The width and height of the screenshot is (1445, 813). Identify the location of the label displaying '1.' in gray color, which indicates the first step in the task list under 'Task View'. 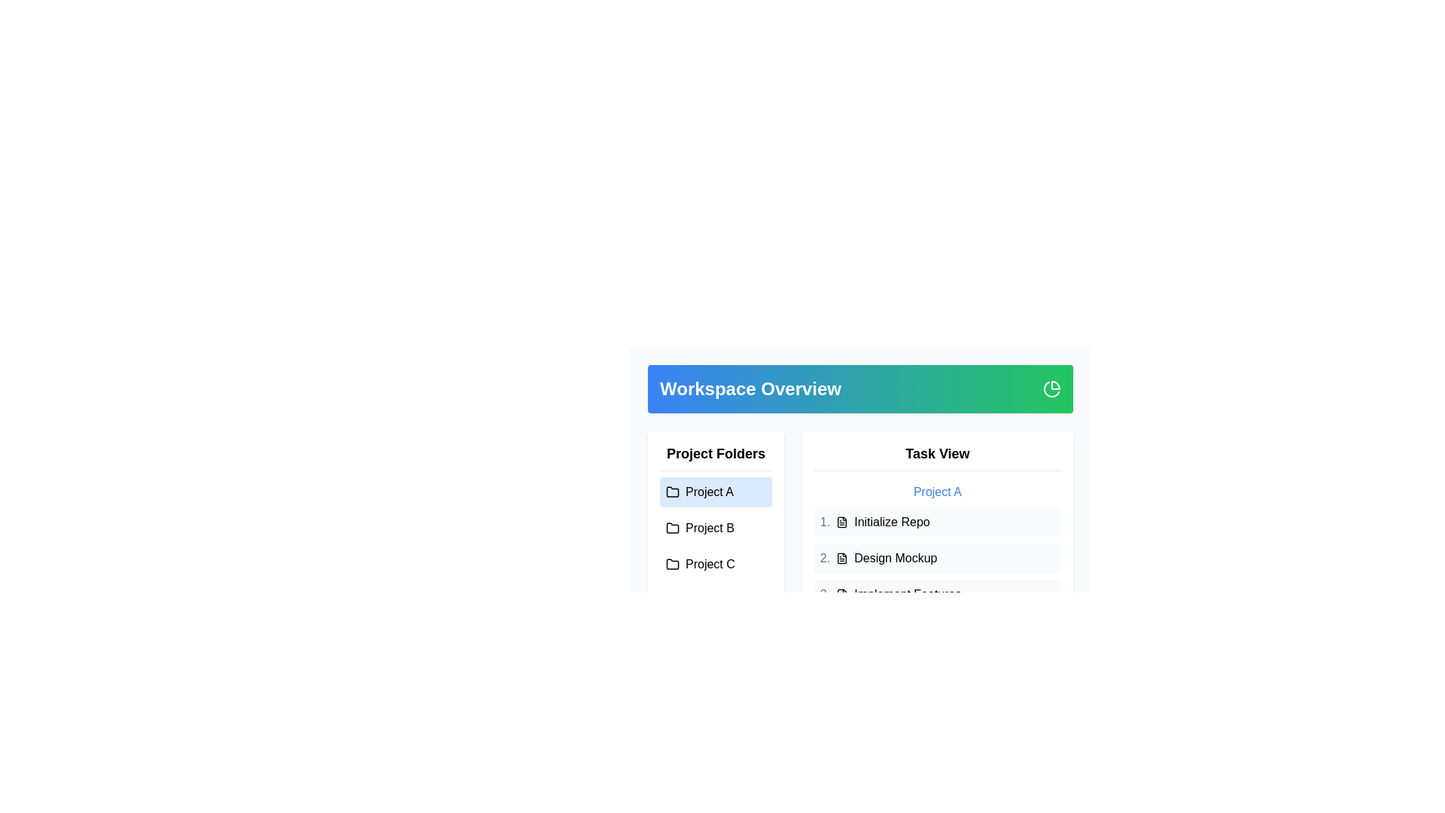
(824, 522).